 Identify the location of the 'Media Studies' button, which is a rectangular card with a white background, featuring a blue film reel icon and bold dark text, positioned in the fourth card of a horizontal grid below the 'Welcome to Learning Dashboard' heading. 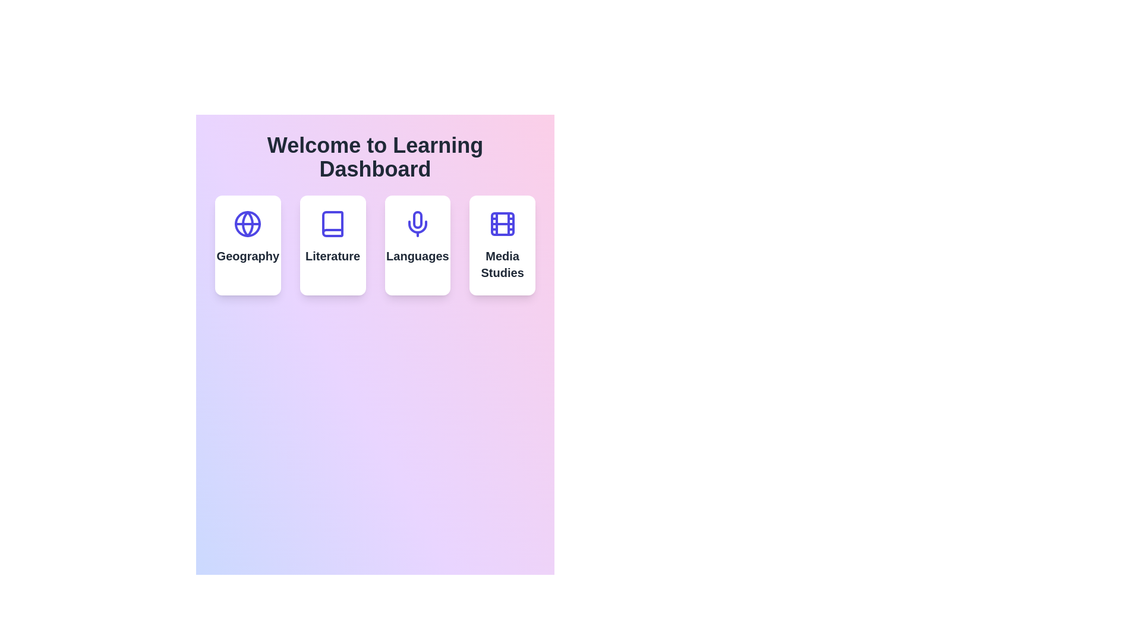
(502, 244).